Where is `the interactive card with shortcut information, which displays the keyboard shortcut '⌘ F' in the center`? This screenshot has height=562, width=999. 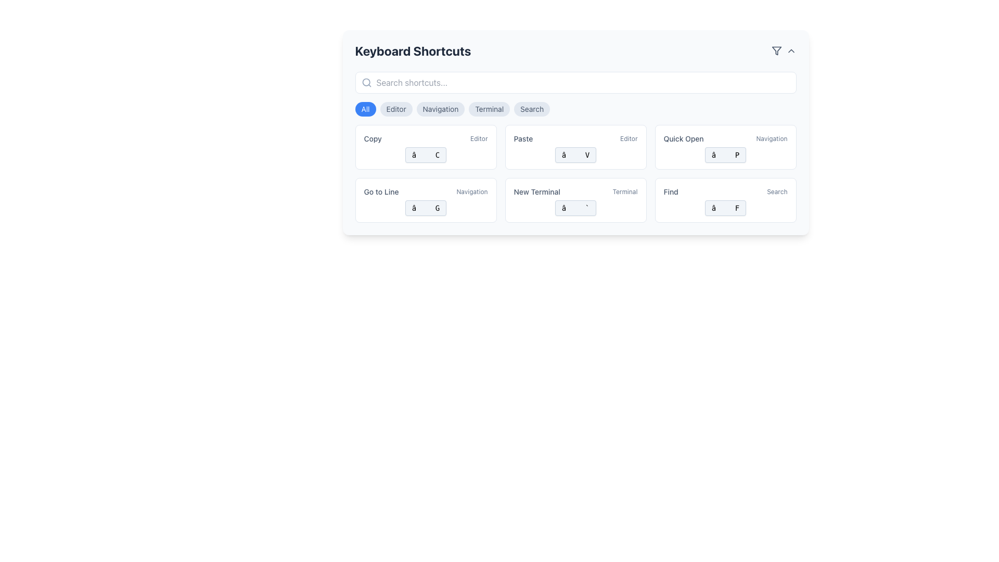
the interactive card with shortcut information, which displays the keyboard shortcut '⌘ F' in the center is located at coordinates (725, 200).